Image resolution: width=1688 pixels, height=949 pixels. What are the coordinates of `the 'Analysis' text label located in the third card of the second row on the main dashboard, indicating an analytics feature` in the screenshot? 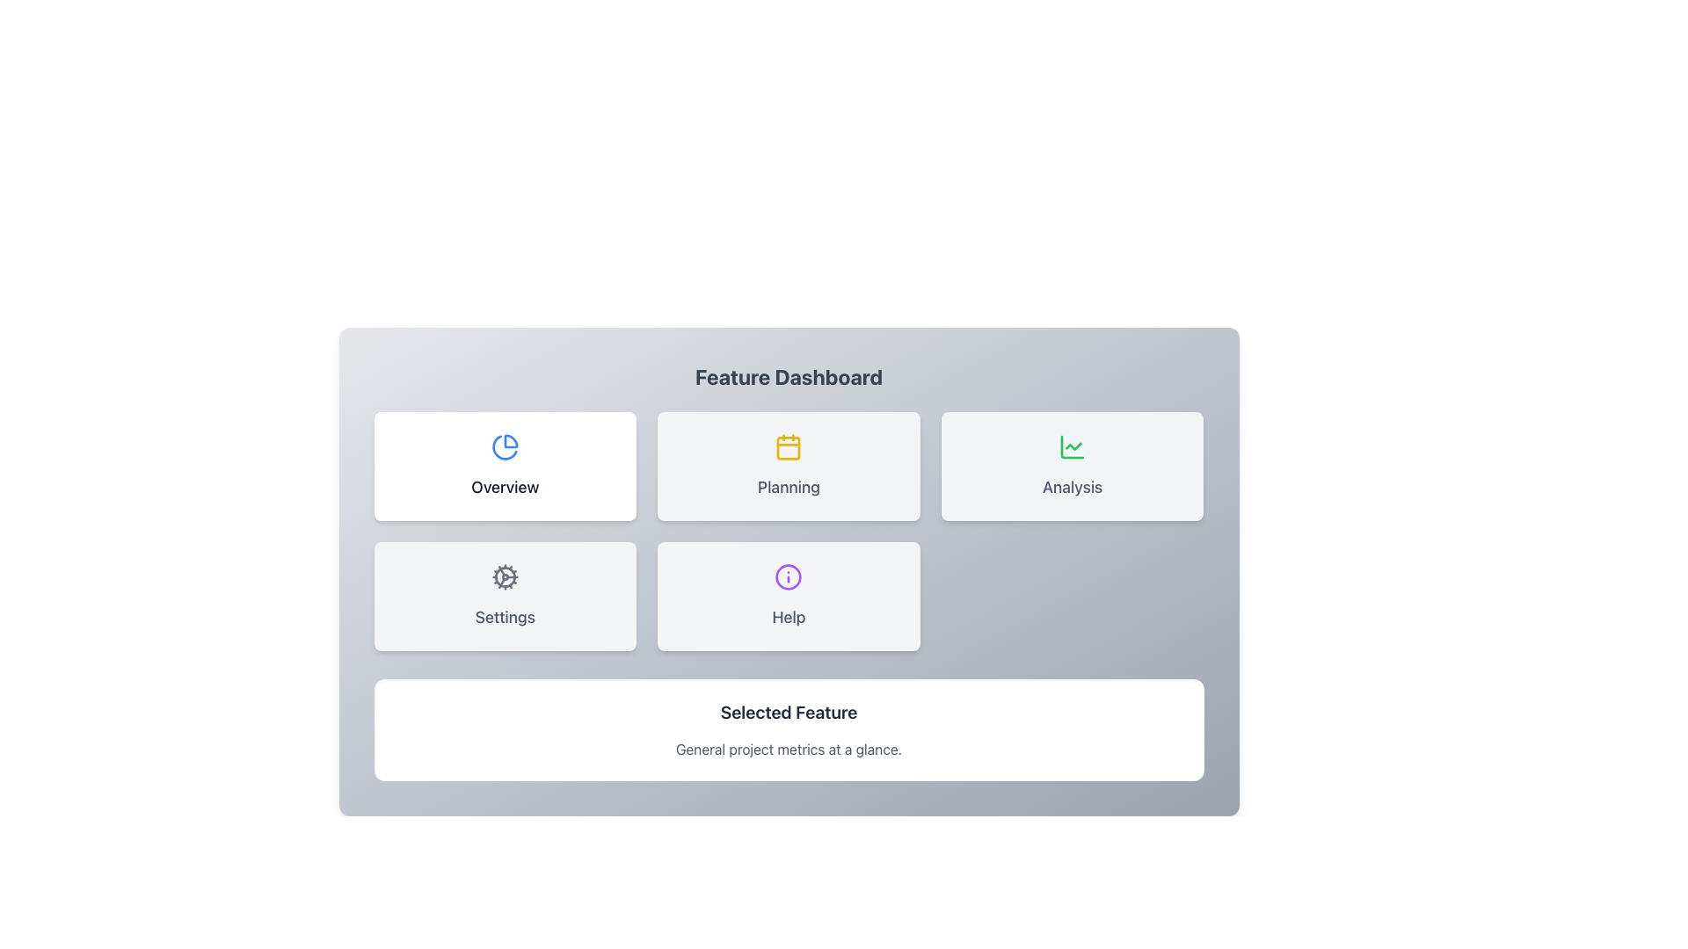 It's located at (1072, 488).